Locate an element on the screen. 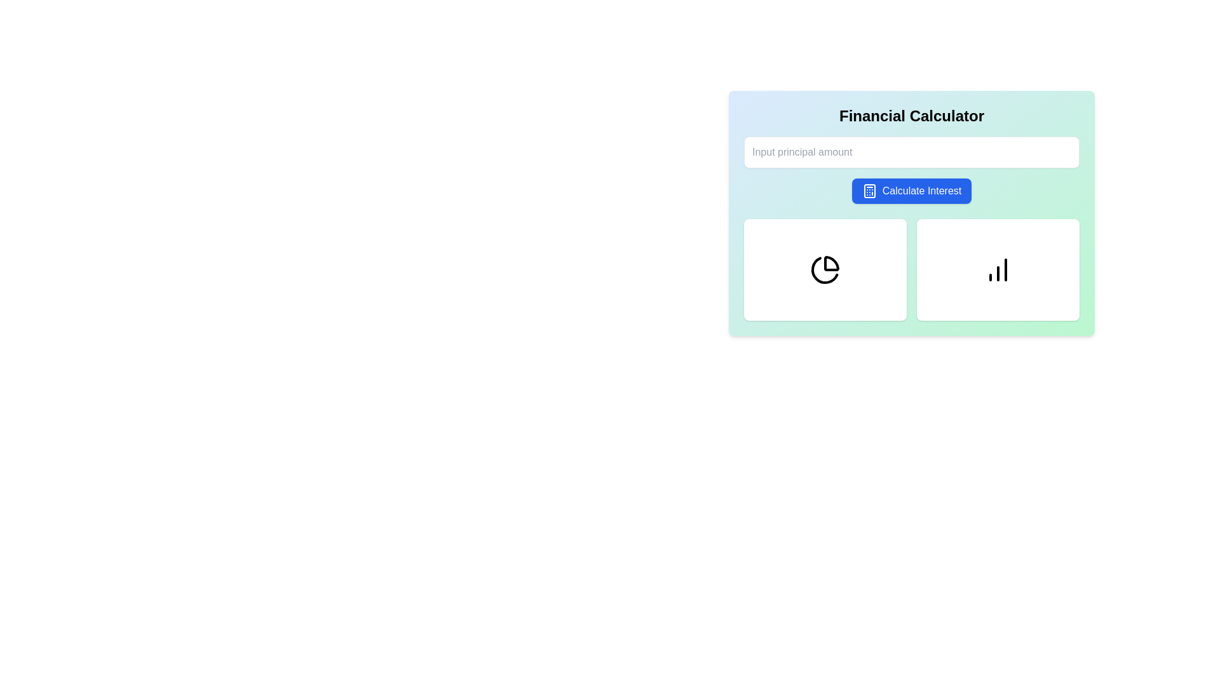 The image size is (1220, 686). the rectangular blue button with rounded corners labeled 'Calculate Interest' is located at coordinates (911, 191).